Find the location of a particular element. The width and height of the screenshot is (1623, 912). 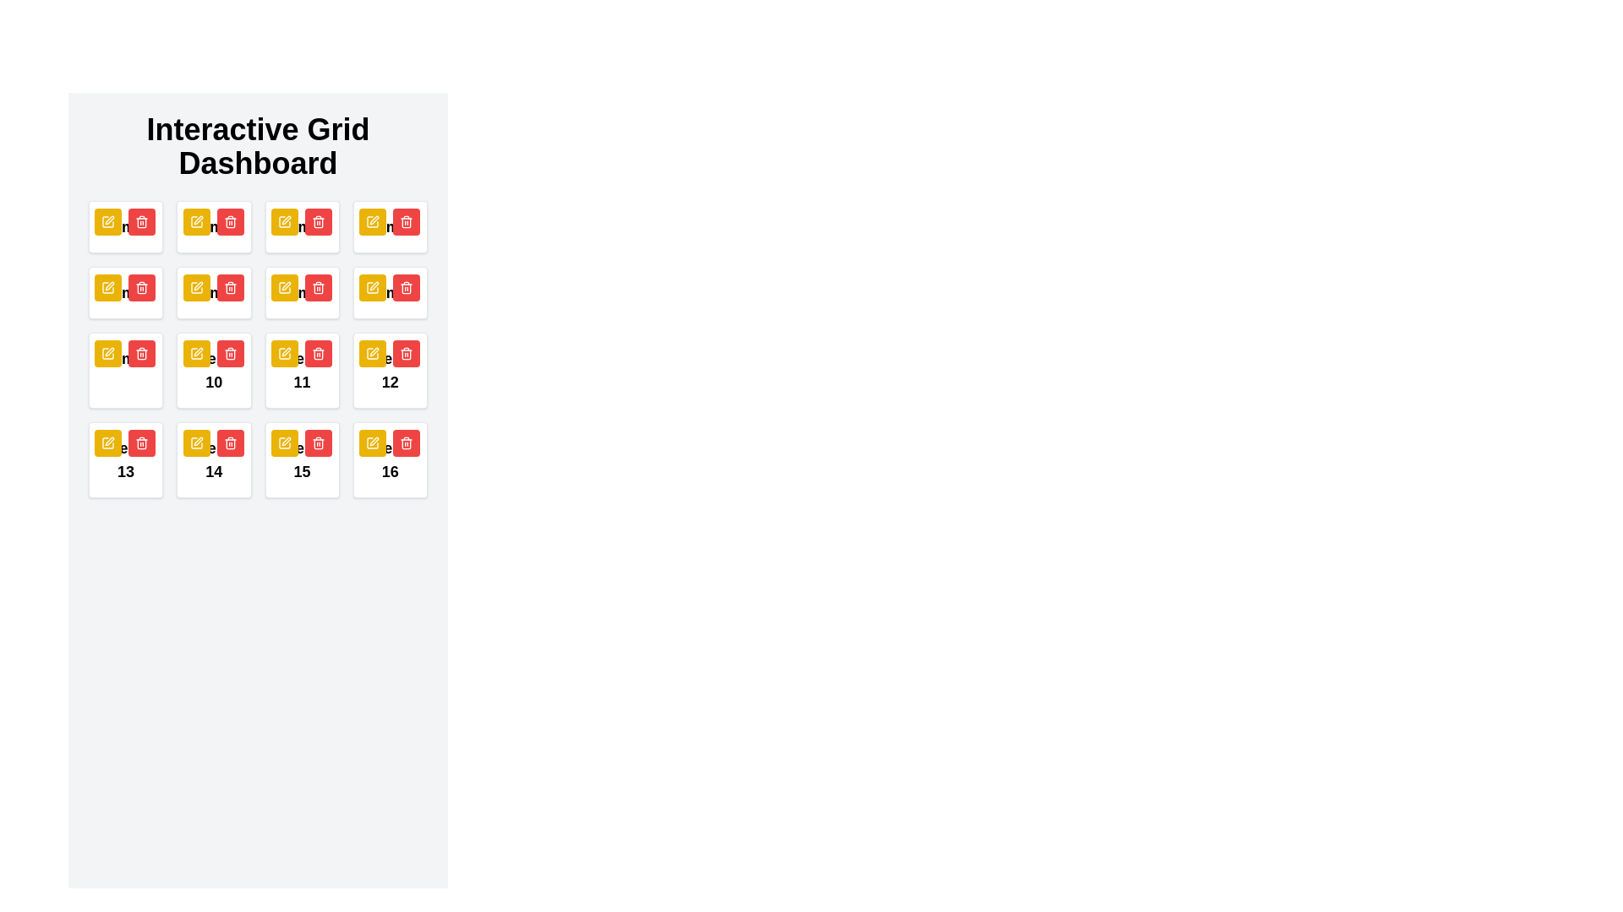

the interactive card component labeled 'Item 15' is located at coordinates (302, 459).